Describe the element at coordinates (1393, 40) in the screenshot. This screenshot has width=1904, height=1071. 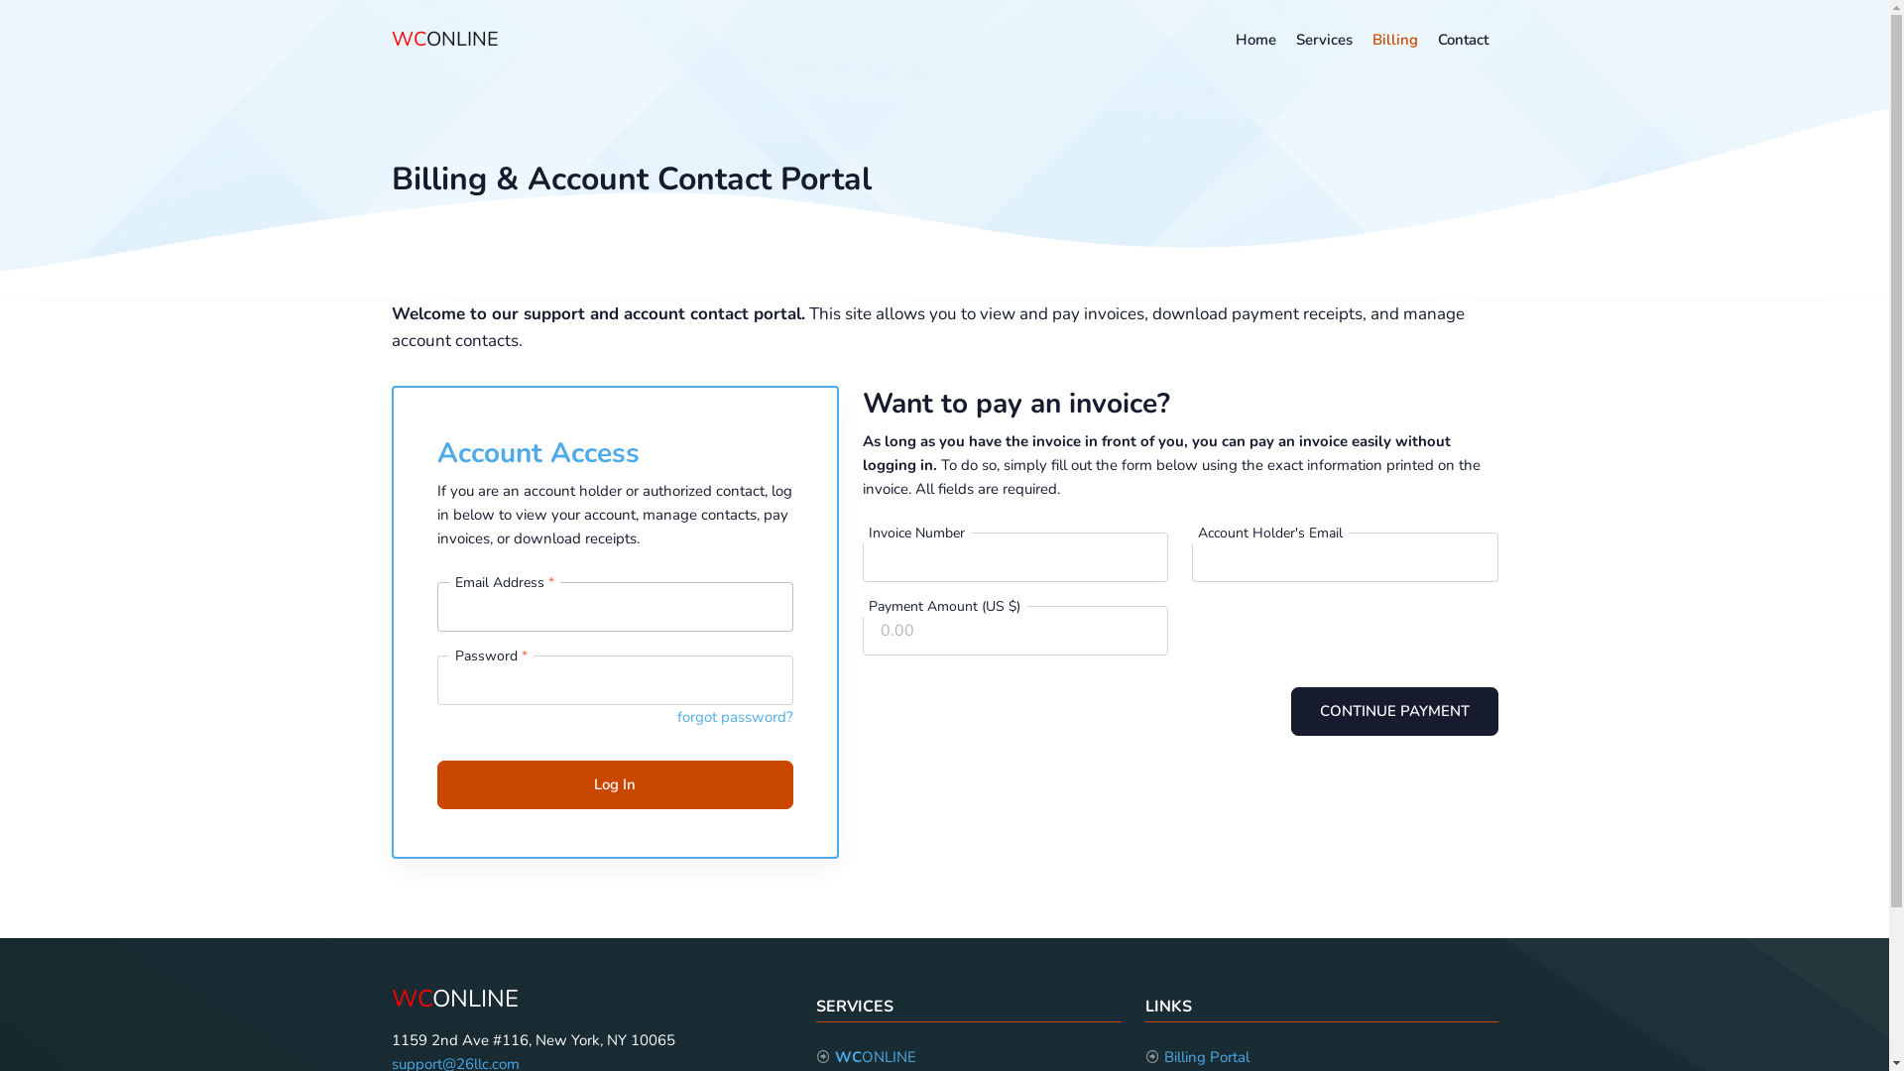
I see `'Billing'` at that location.